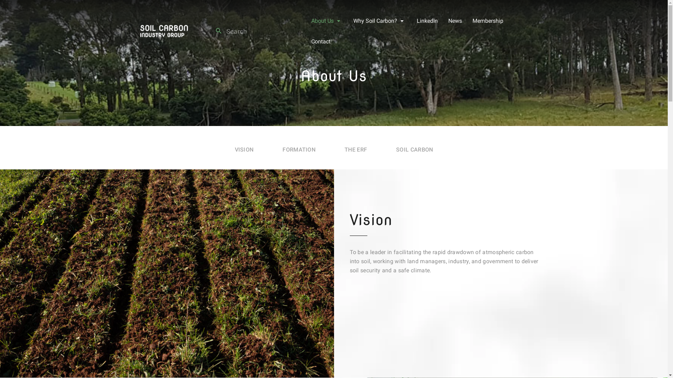  Describe the element at coordinates (488, 20) in the screenshot. I see `'Membership'` at that location.